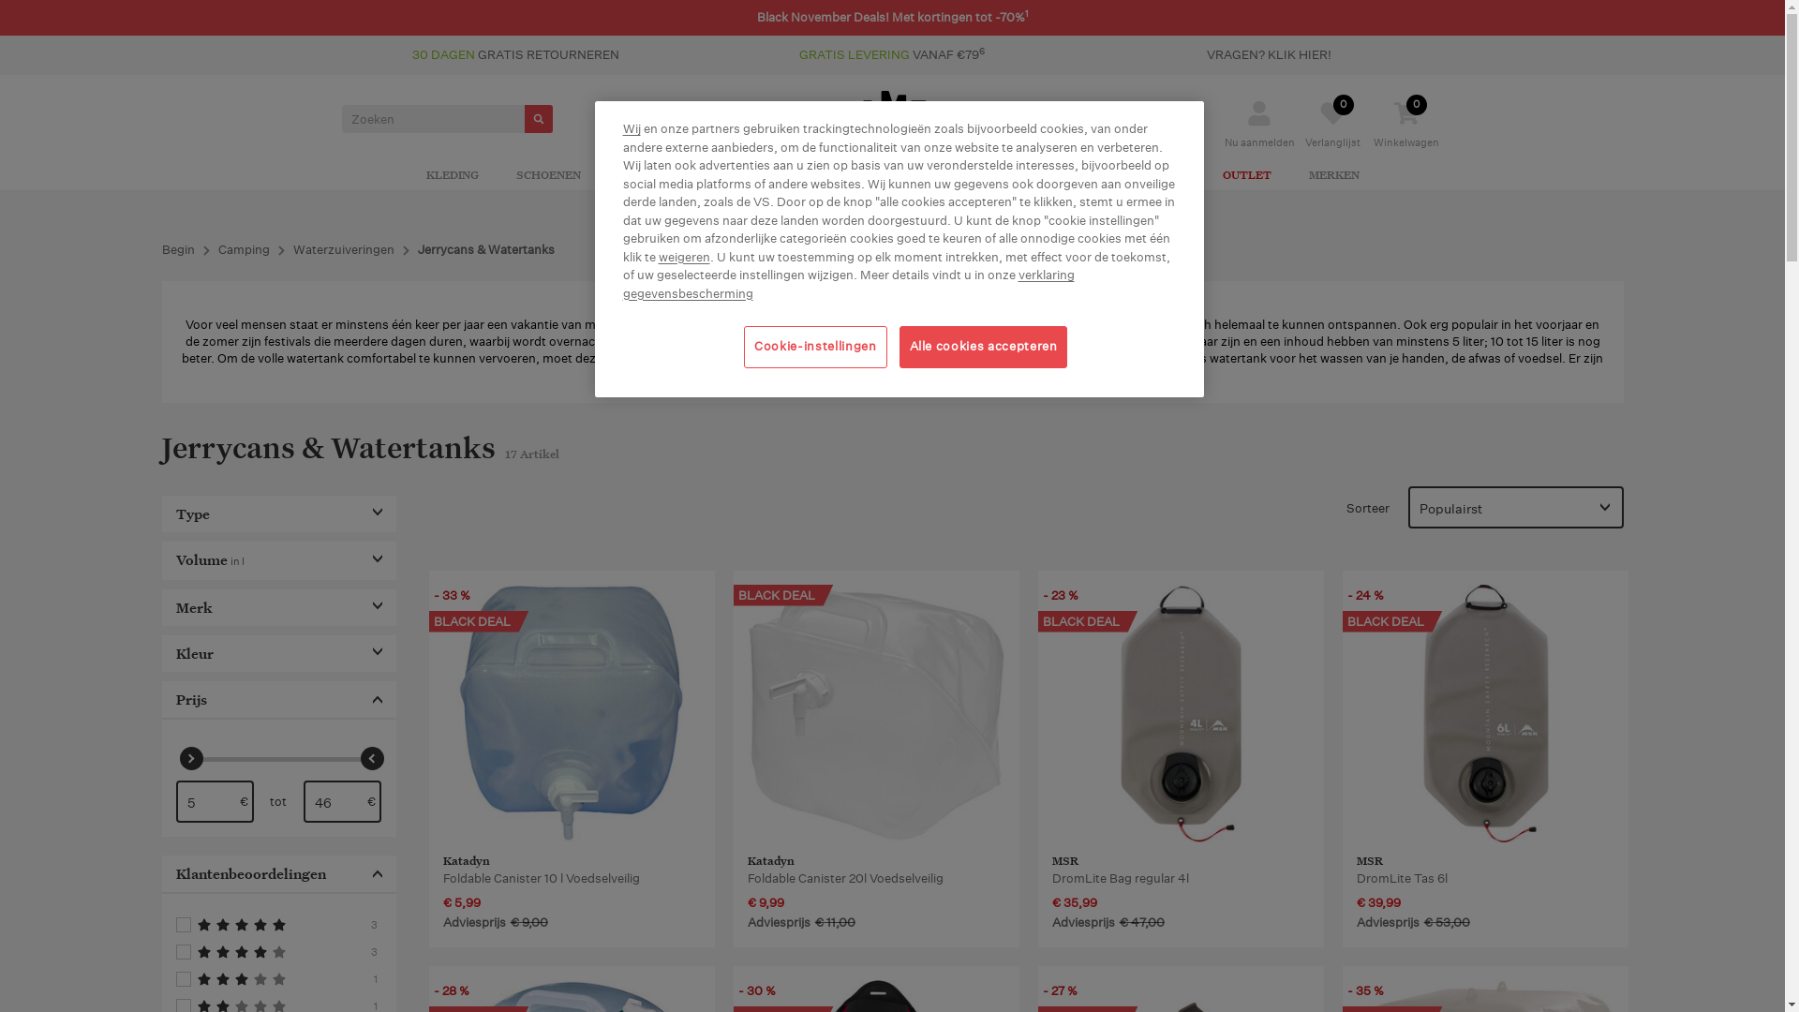 This screenshot has height=1012, width=1799. What do you see at coordinates (1484, 759) in the screenshot?
I see `'MSR DromLite Tas 6l'` at bounding box center [1484, 759].